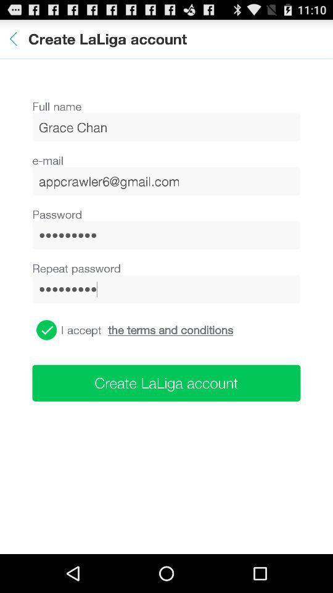  What do you see at coordinates (166, 180) in the screenshot?
I see `item above the password icon` at bounding box center [166, 180].